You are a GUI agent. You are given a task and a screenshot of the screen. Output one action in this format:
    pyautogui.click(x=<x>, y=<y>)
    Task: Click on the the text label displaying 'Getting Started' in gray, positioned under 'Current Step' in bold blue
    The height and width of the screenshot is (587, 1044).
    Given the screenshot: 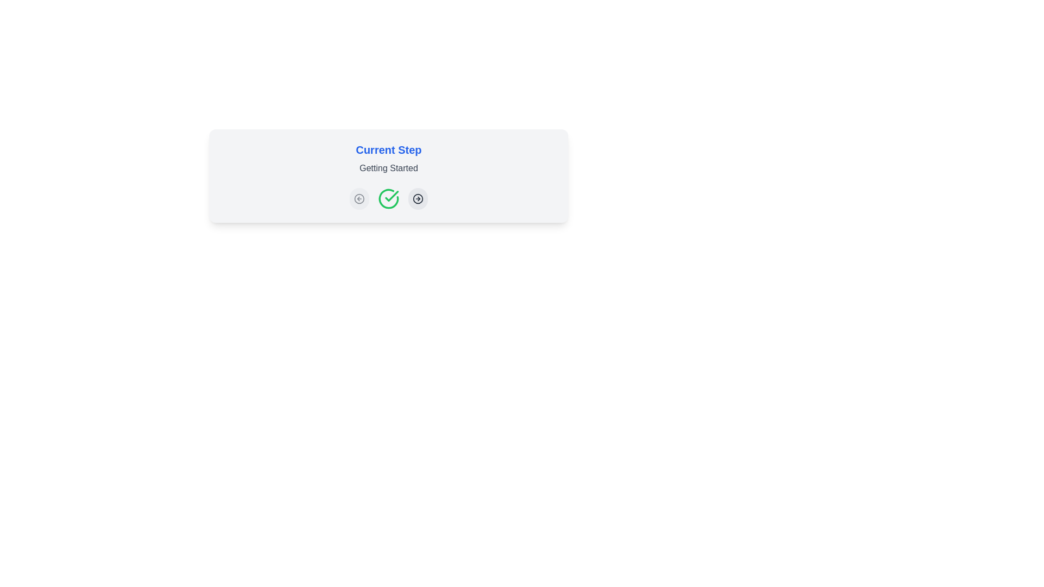 What is the action you would take?
    pyautogui.click(x=389, y=168)
    